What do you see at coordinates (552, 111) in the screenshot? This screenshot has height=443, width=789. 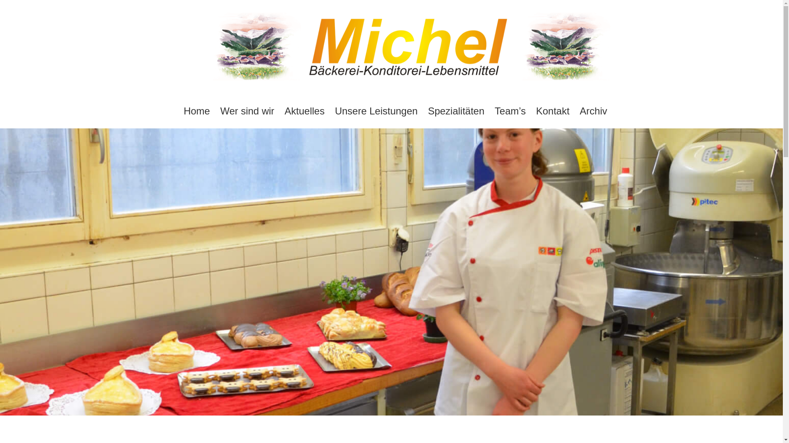 I see `'Kontakt'` at bounding box center [552, 111].